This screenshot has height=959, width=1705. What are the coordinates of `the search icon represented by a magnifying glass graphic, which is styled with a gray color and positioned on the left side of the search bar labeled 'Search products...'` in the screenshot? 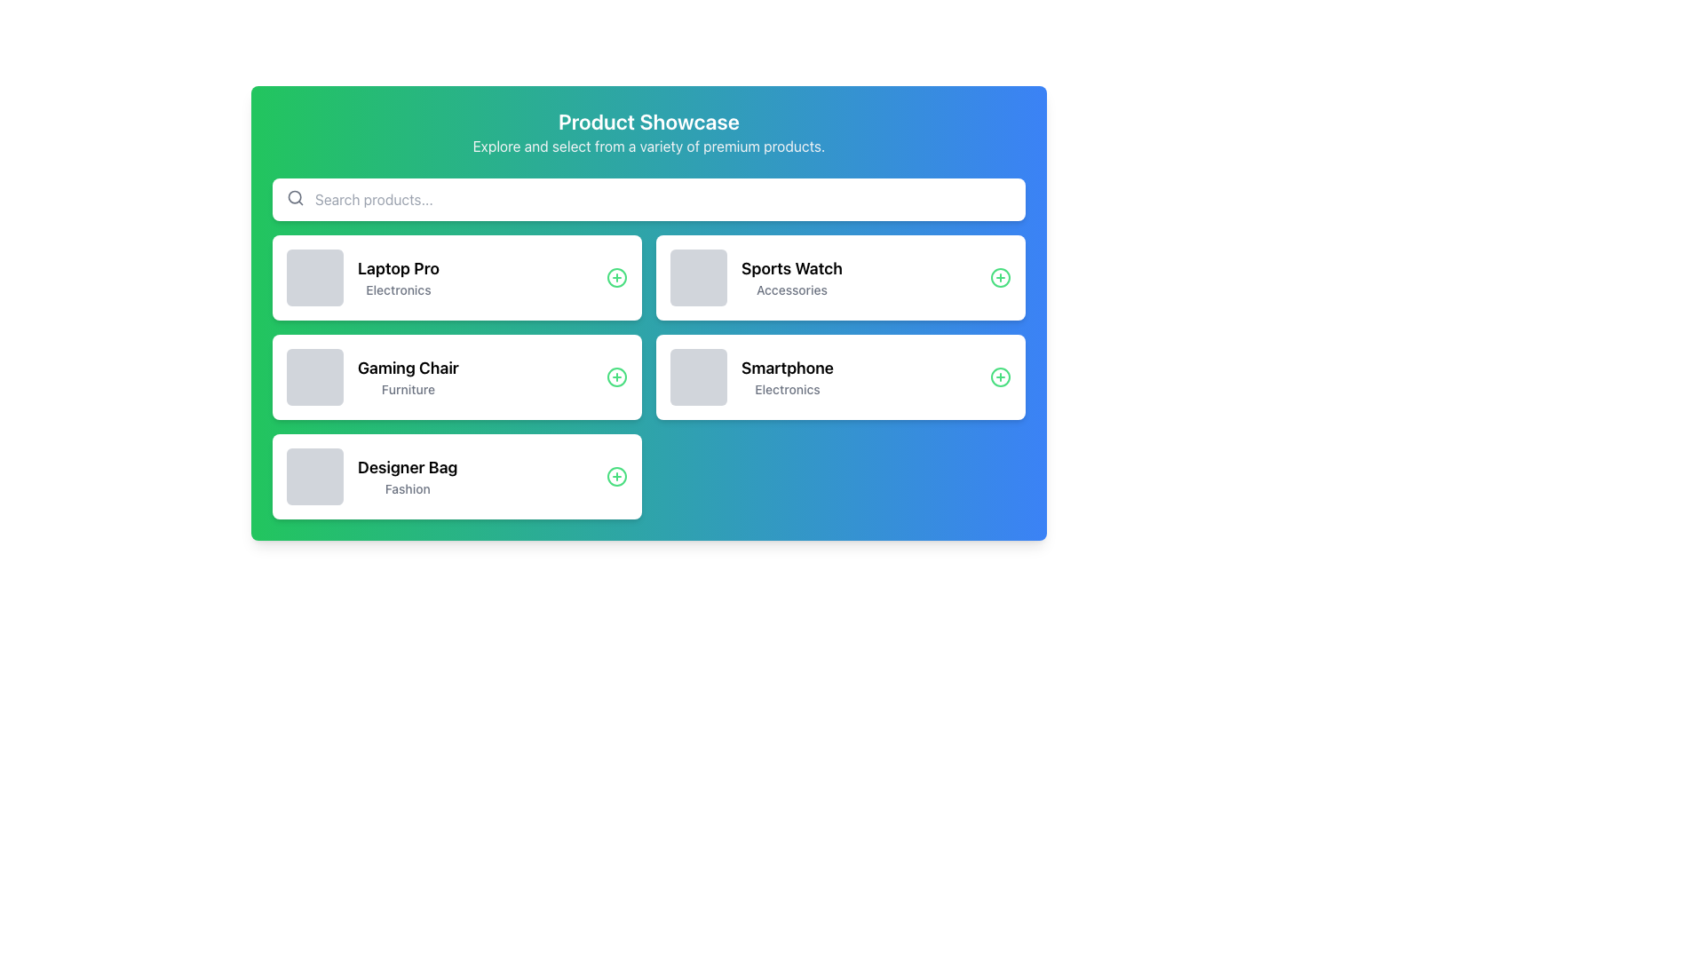 It's located at (295, 198).